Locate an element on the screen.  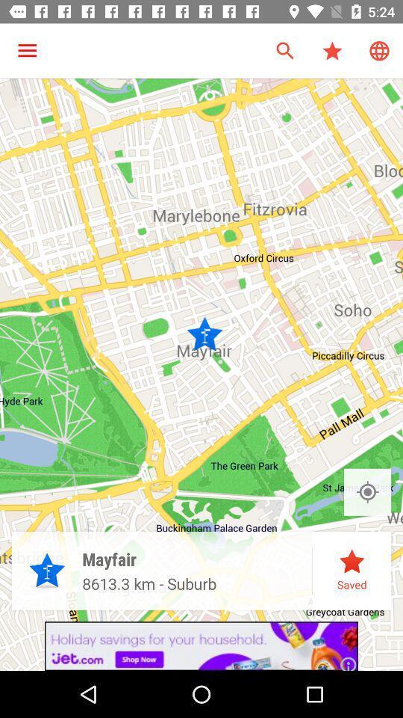
open advertisement is located at coordinates (201, 645).